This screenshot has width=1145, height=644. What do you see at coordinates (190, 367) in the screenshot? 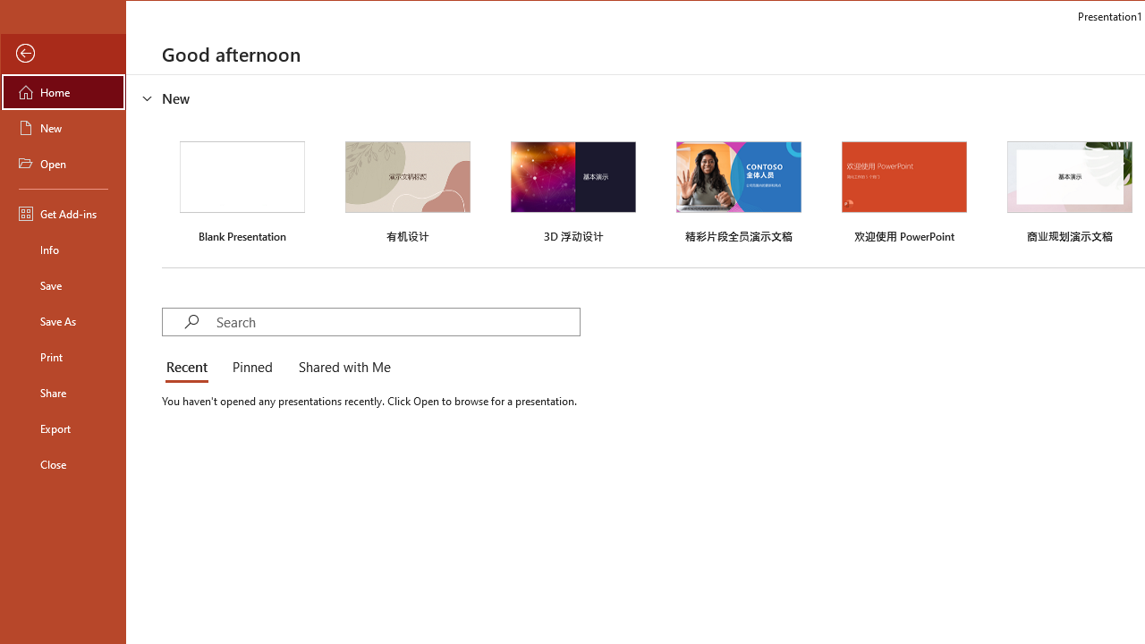
I see `'Recent'` at bounding box center [190, 367].